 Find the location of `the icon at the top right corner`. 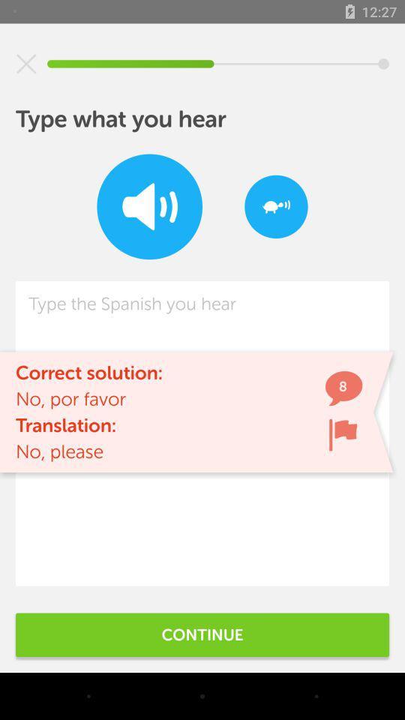

the icon at the top right corner is located at coordinates (275, 205).